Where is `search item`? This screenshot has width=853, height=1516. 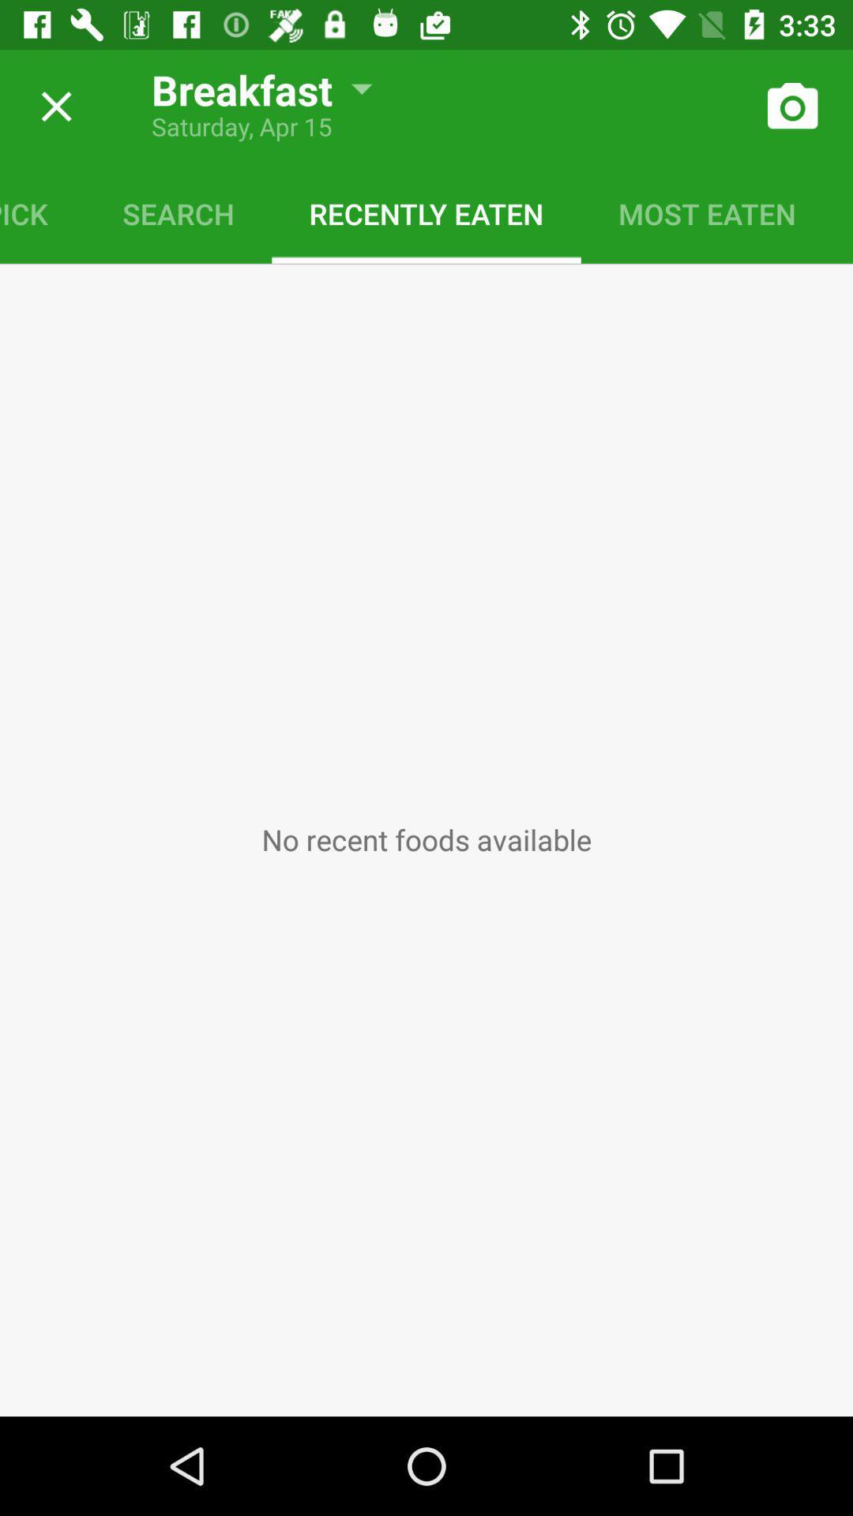 search item is located at coordinates (178, 212).